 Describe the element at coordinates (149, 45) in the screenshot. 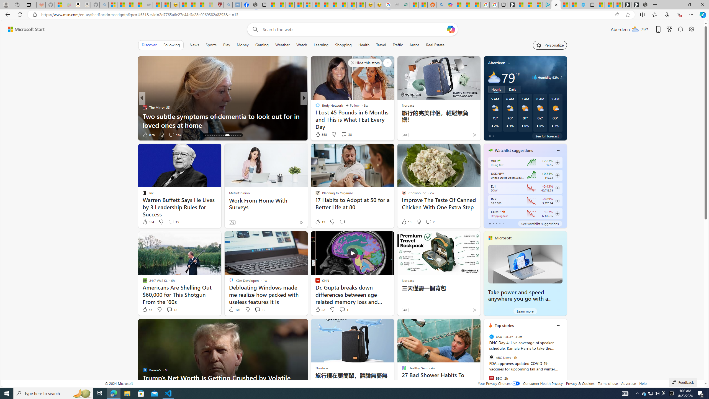

I see `'Discover'` at that location.